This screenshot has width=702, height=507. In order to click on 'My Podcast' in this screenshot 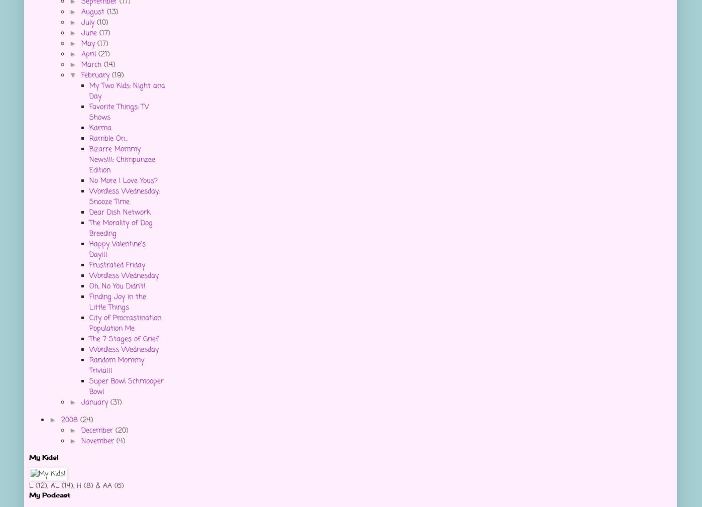, I will do `click(49, 495)`.